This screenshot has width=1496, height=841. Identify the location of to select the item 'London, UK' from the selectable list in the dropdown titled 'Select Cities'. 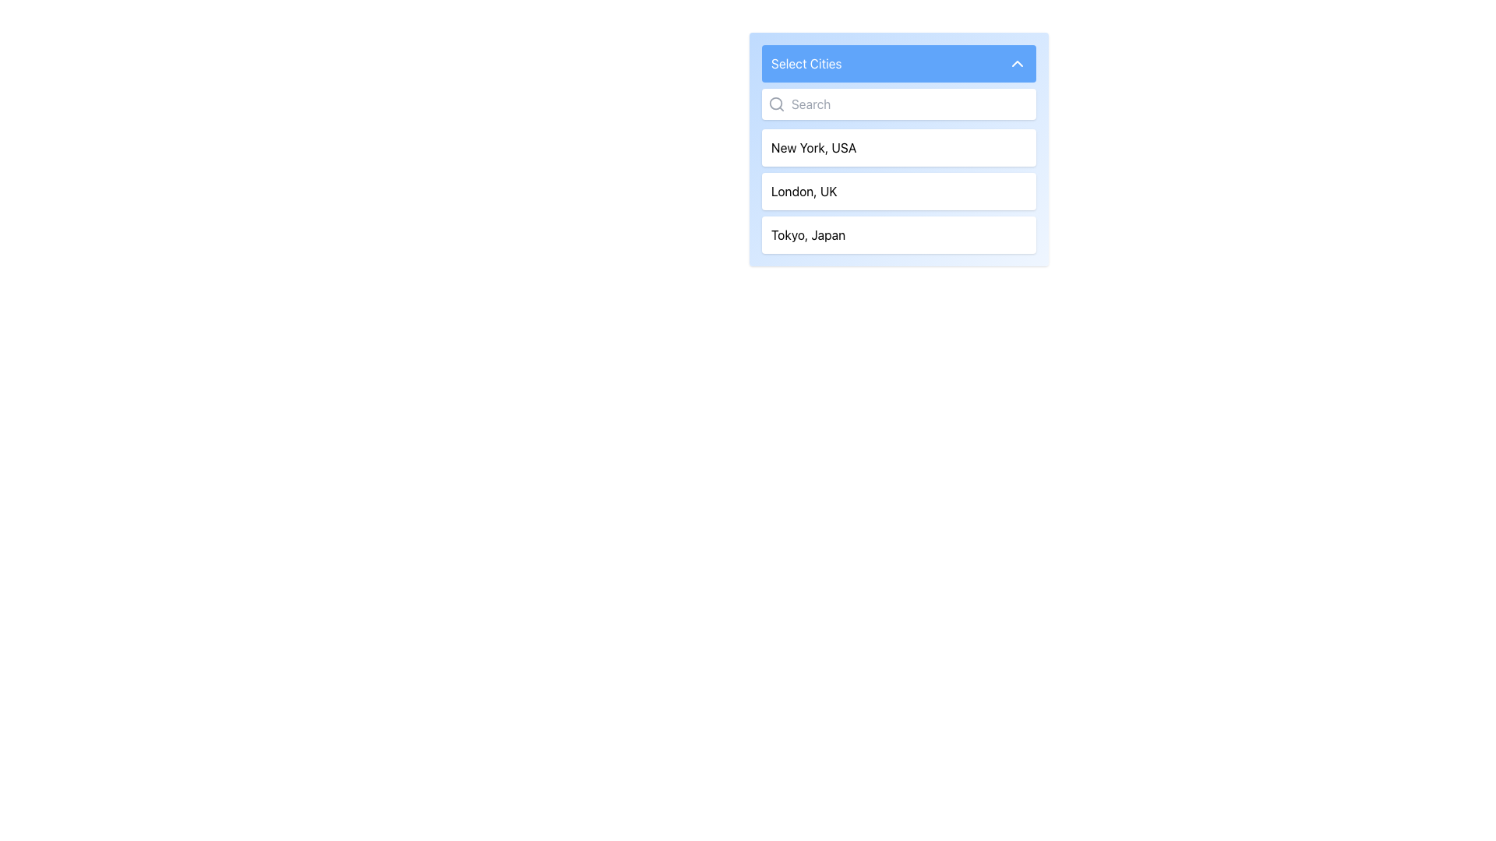
(898, 191).